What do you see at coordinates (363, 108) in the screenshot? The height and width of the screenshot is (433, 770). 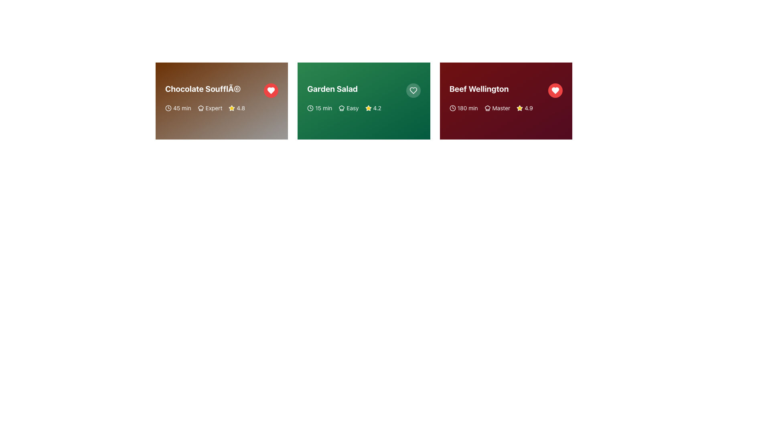 I see `informational text displaying '15 min Easy 4.2' within the green card labeled 'Garden Salad', located at the center coordinates` at bounding box center [363, 108].